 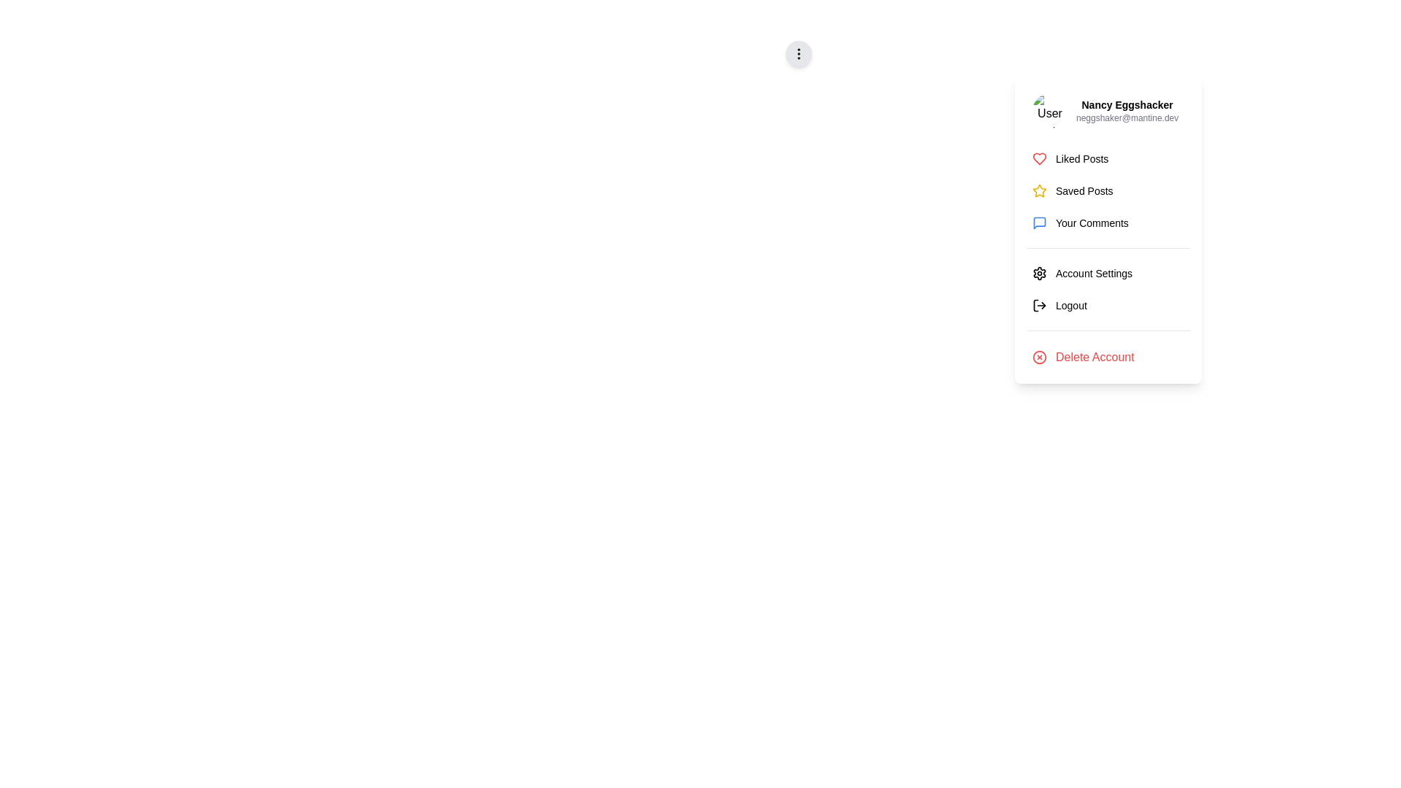 What do you see at coordinates (1108, 159) in the screenshot?
I see `the navigation menu list item that represents liked posts` at bounding box center [1108, 159].